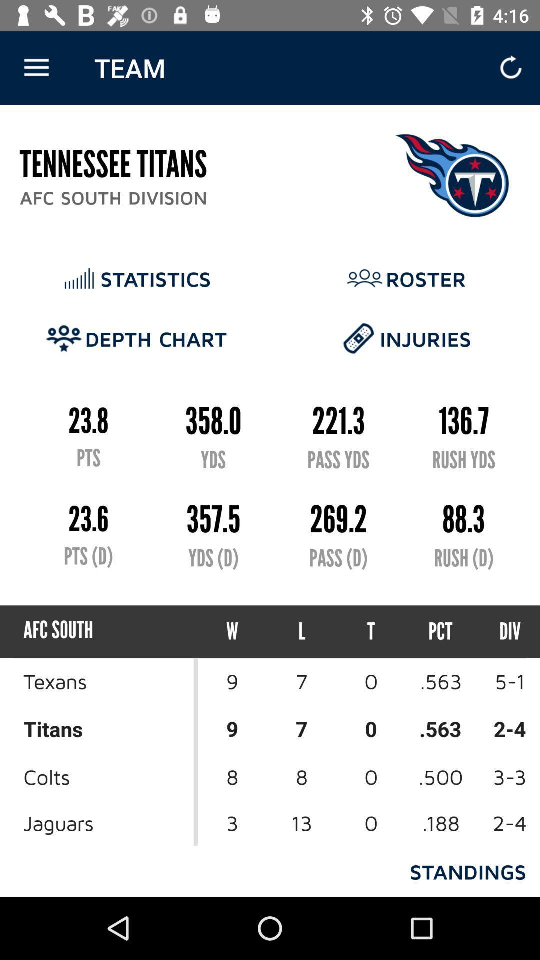 The height and width of the screenshot is (960, 540). I want to click on the item to the left of the pct, so click(371, 631).